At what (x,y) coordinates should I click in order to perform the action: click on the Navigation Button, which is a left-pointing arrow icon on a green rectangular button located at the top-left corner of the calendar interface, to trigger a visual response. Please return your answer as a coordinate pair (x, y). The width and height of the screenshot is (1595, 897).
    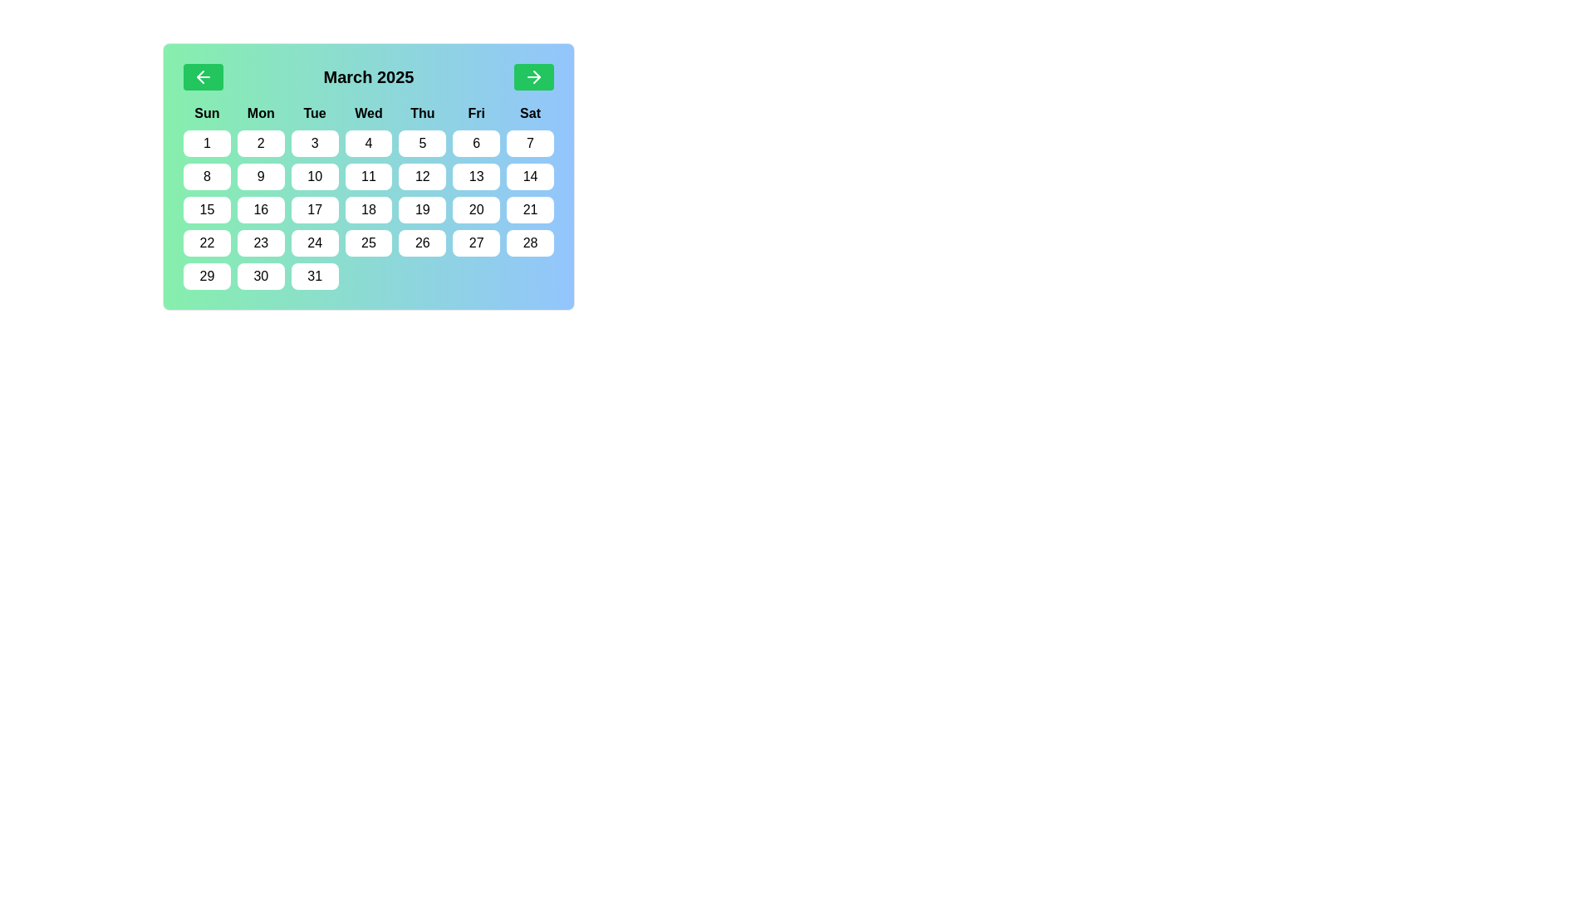
    Looking at the image, I should click on (202, 76).